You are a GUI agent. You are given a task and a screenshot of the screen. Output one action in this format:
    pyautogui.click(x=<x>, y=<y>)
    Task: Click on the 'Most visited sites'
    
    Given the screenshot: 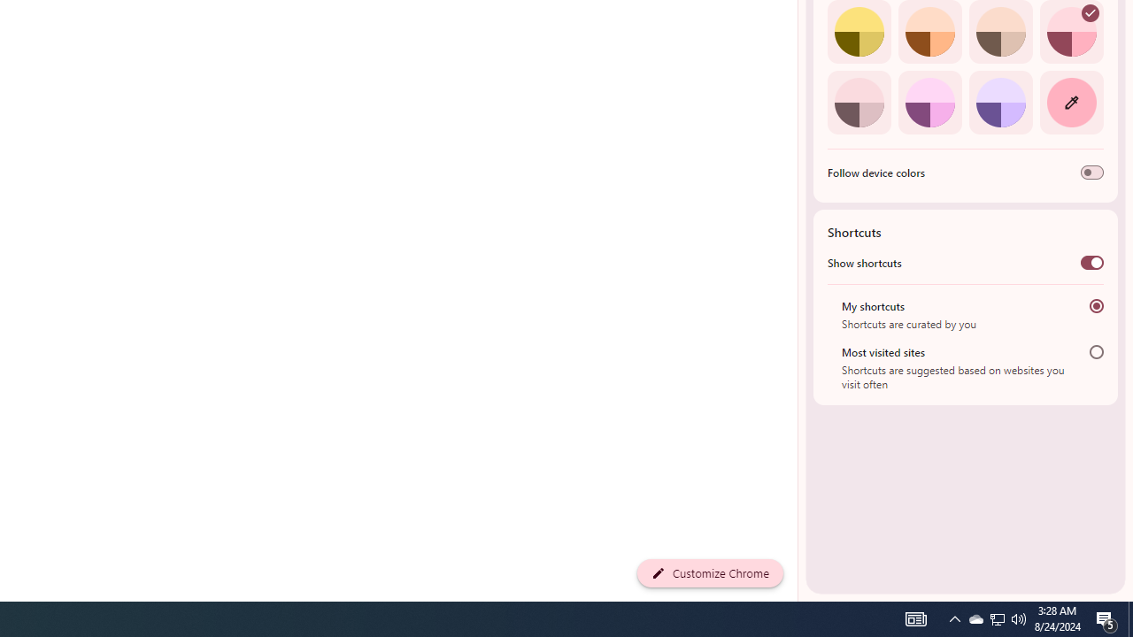 What is the action you would take?
    pyautogui.click(x=1096, y=352)
    